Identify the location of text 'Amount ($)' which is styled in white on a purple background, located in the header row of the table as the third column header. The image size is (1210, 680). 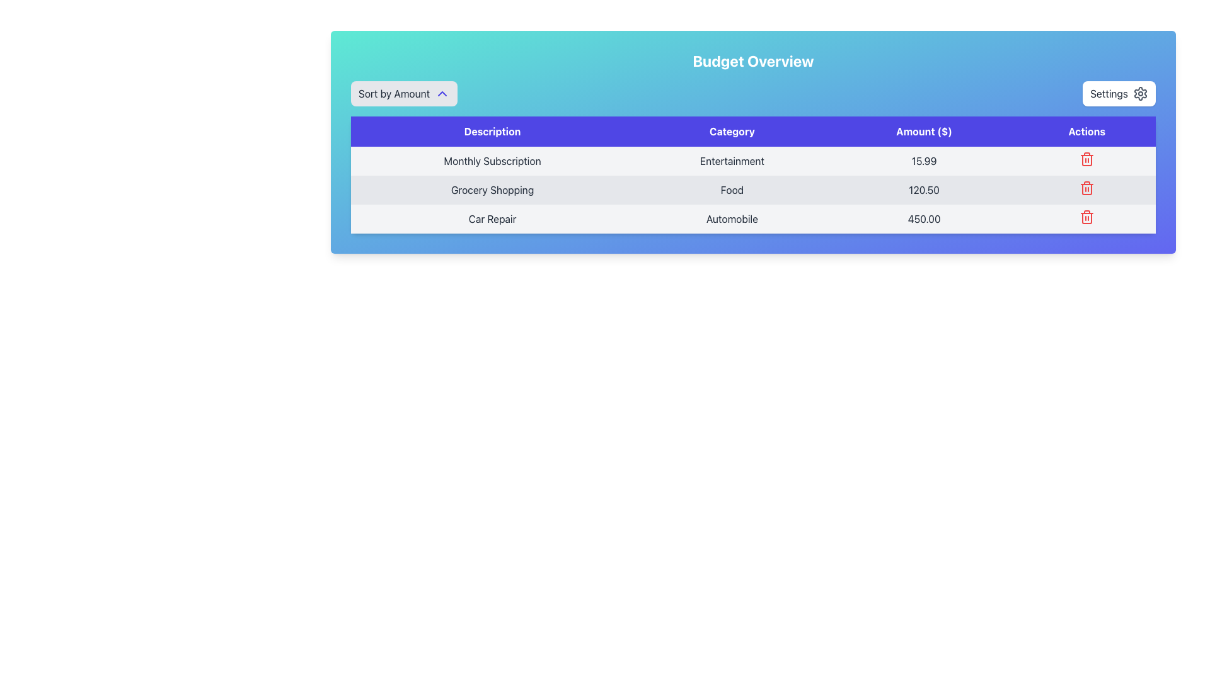
(924, 131).